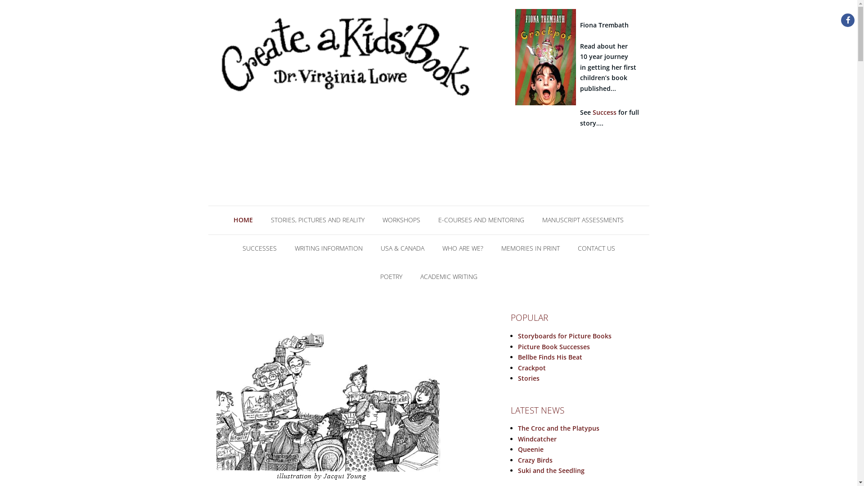 This screenshot has height=486, width=864. I want to click on 'Queenie', so click(531, 449).